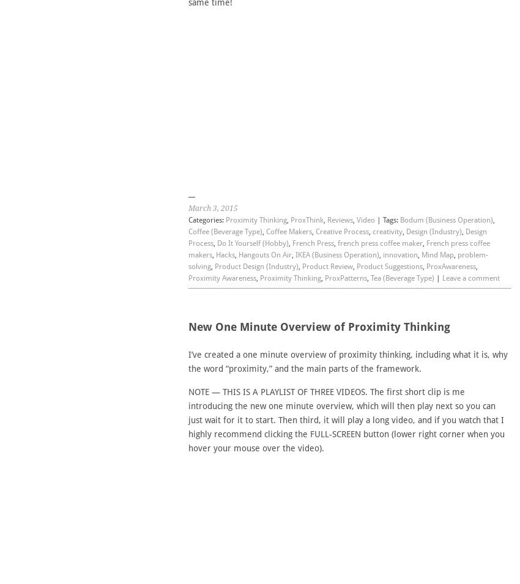  I want to click on 'innovation', so click(399, 254).